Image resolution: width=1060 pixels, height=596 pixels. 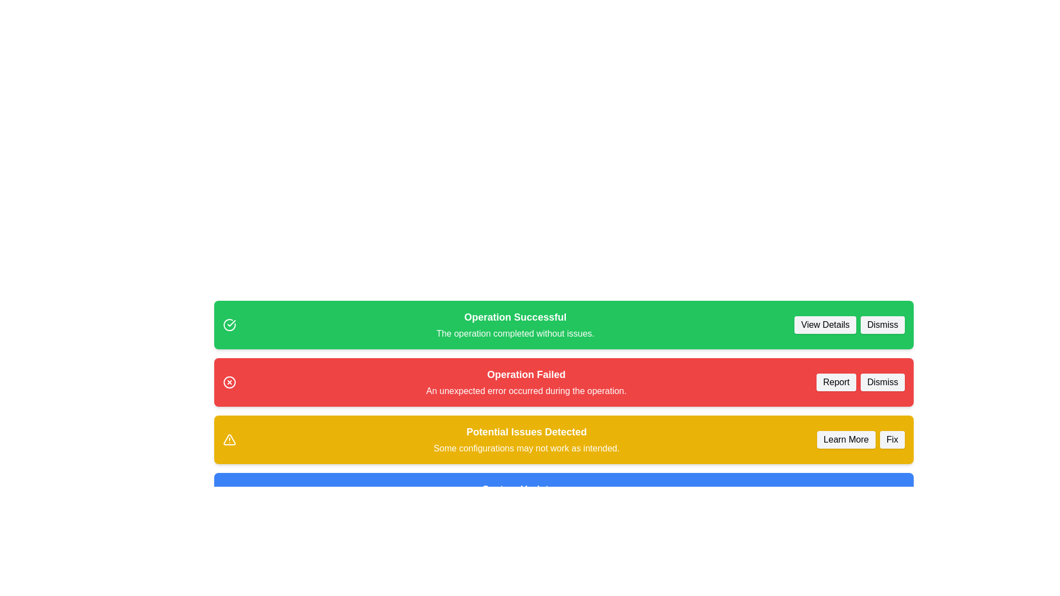 What do you see at coordinates (515, 333) in the screenshot?
I see `the text label that displays 'The operation completed without issues.' located beneath the title 'Operation Successful' in a green banner` at bounding box center [515, 333].